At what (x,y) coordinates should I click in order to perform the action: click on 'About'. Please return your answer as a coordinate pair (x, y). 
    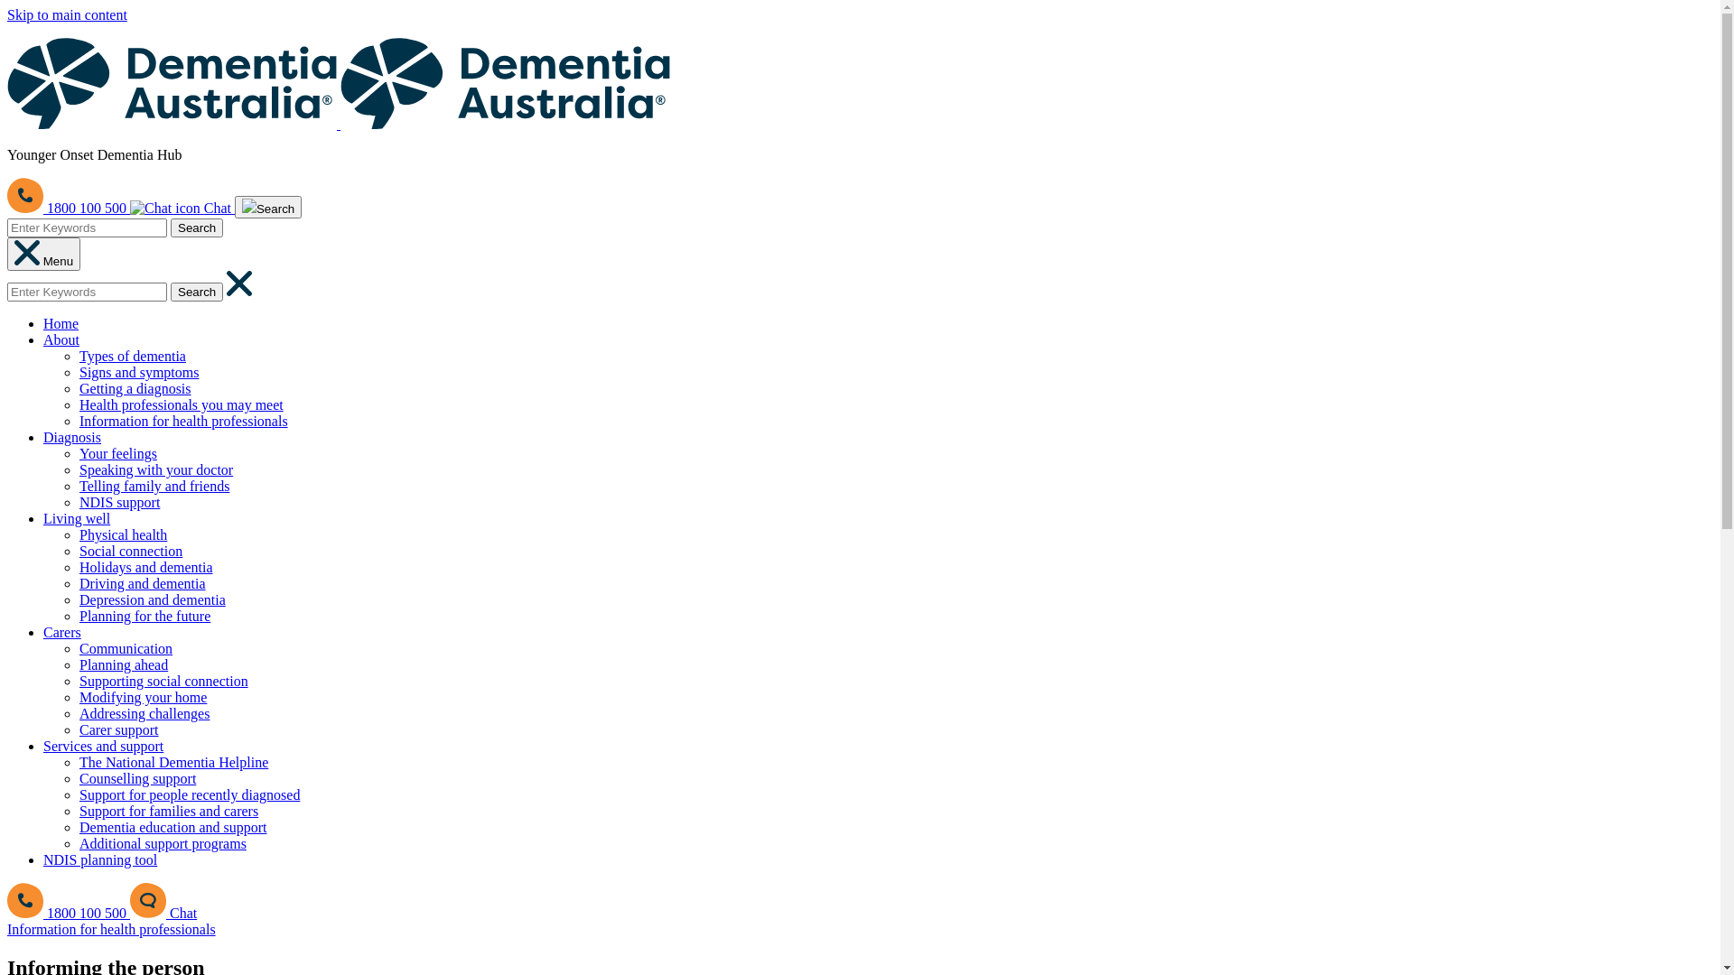
    Looking at the image, I should click on (61, 339).